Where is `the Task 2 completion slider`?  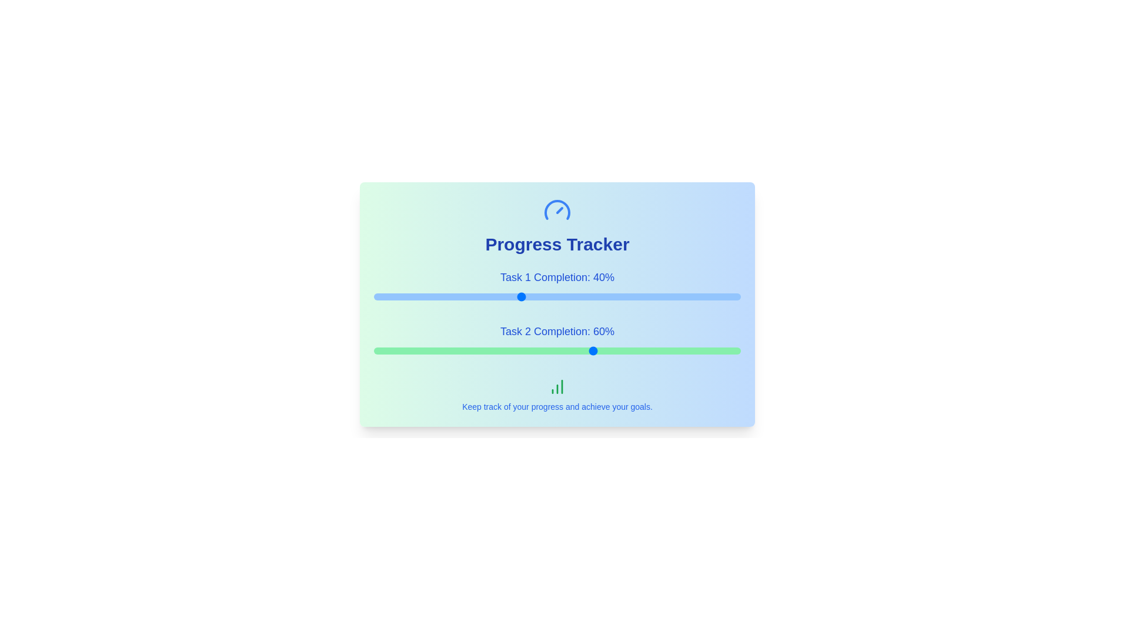
the Task 2 completion slider is located at coordinates (425, 350).